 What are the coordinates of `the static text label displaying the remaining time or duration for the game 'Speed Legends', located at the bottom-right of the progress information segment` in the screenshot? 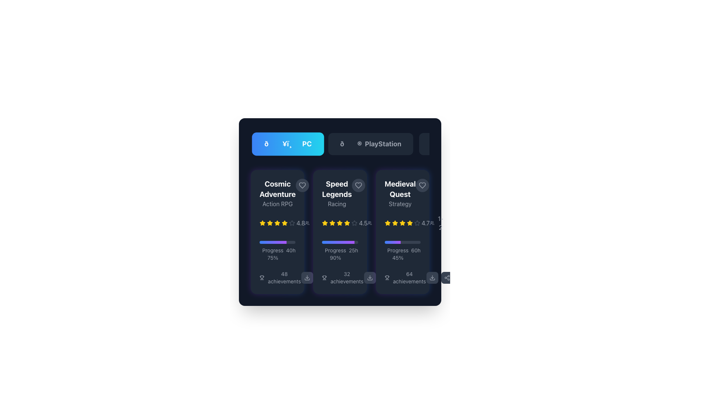 It's located at (353, 253).